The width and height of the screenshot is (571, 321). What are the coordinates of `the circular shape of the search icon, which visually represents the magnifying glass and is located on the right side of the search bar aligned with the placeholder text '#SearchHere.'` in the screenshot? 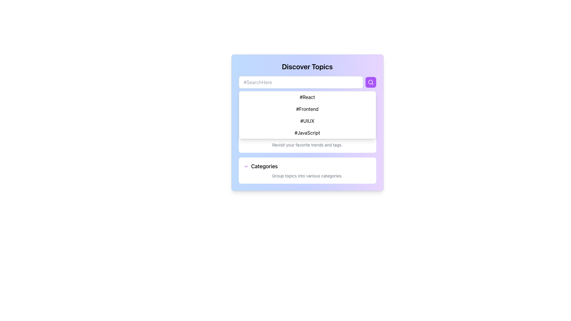 It's located at (370, 82).